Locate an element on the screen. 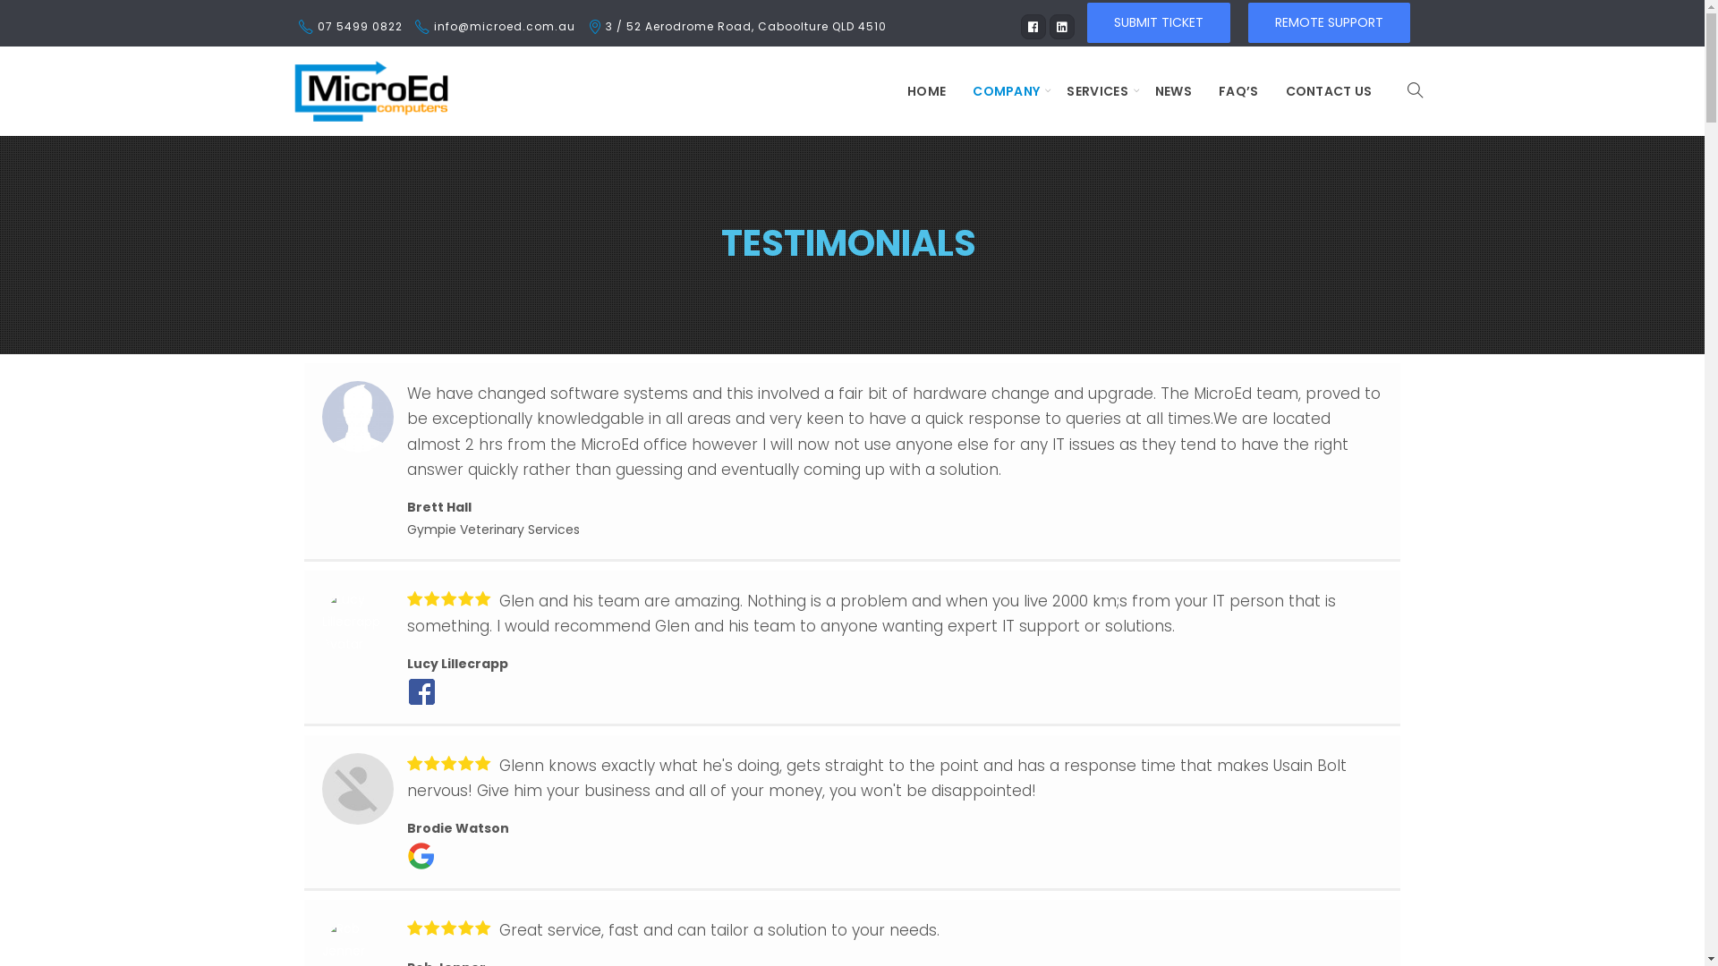 The width and height of the screenshot is (1718, 966). 'CONTACT US' is located at coordinates (1271, 90).